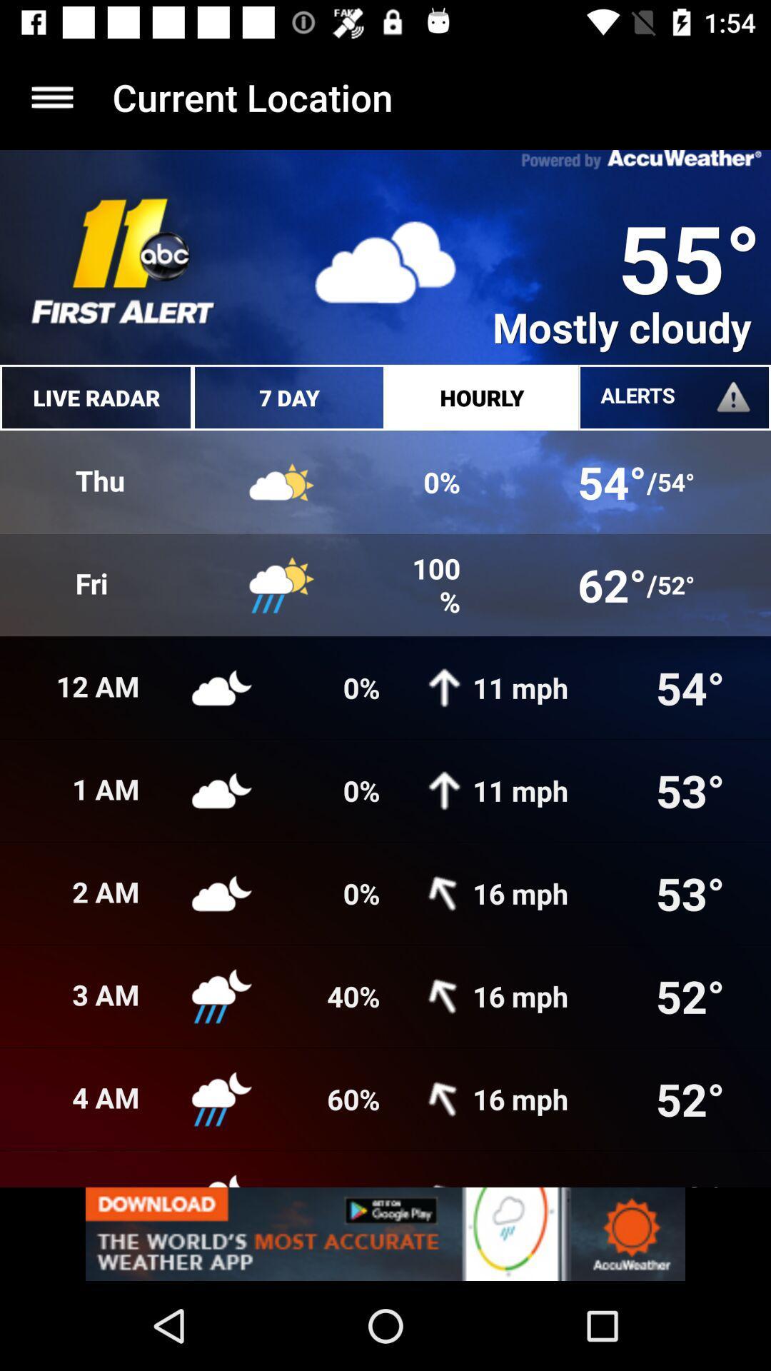  I want to click on the menu icon, so click(51, 96).